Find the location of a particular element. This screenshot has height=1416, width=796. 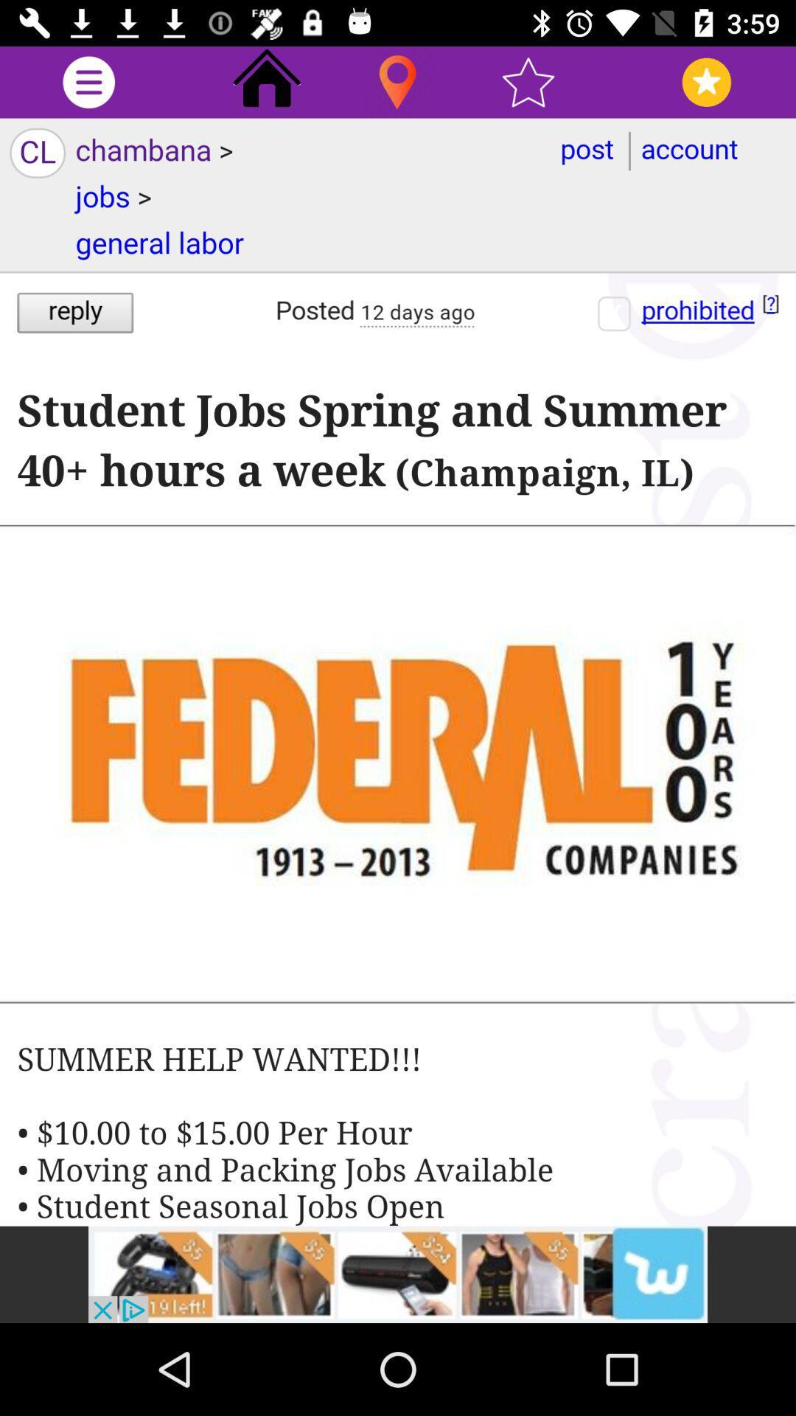

to favorites is located at coordinates (705, 81).